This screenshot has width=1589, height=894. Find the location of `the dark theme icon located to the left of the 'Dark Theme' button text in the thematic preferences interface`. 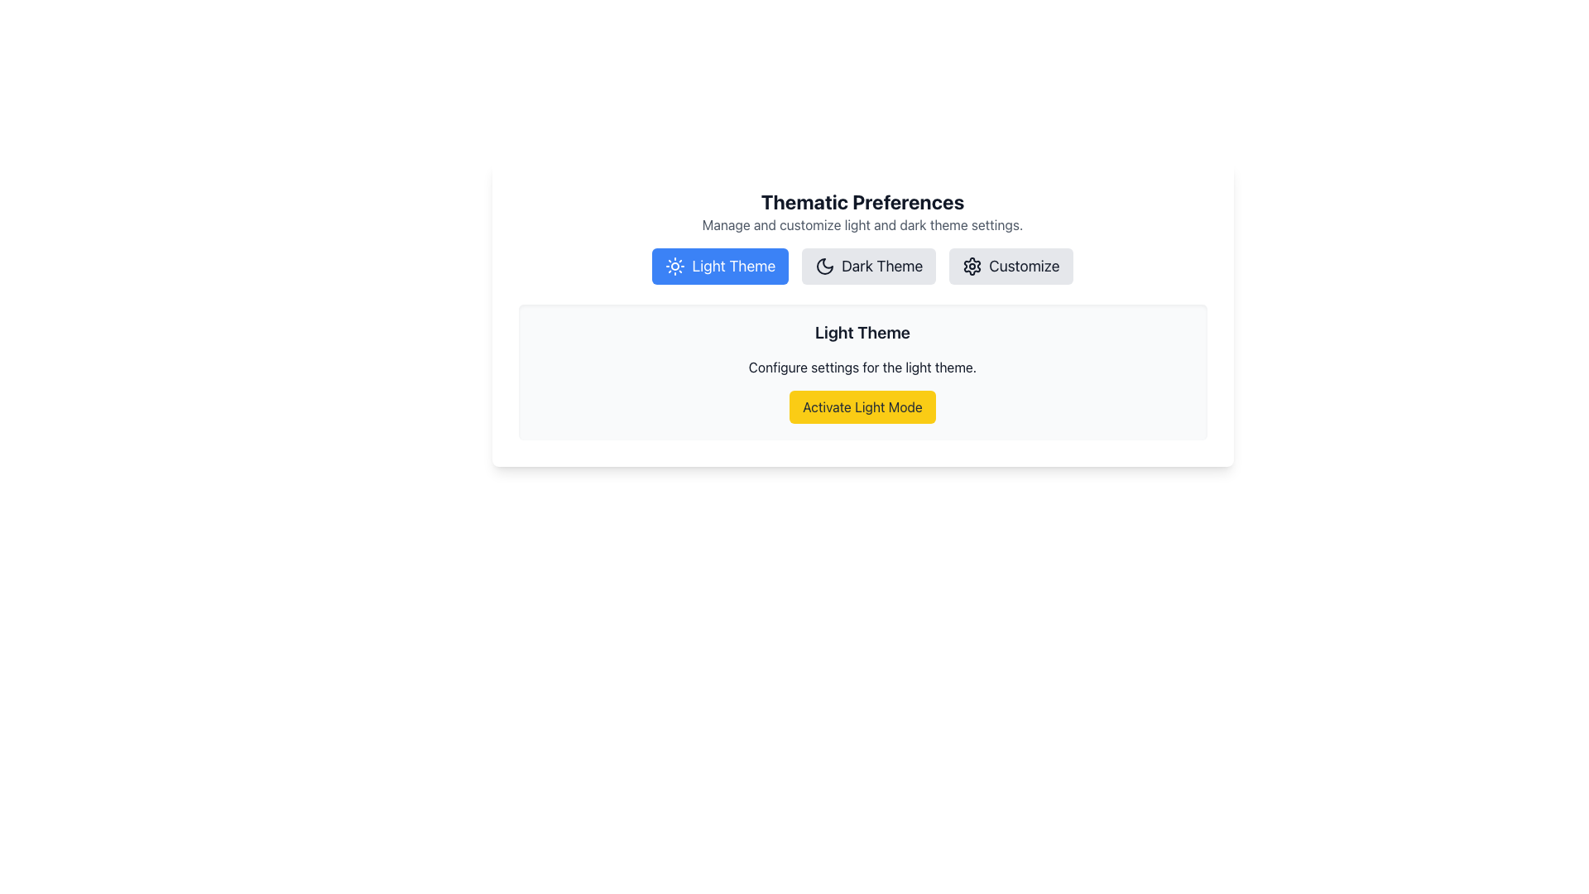

the dark theme icon located to the left of the 'Dark Theme' button text in the thematic preferences interface is located at coordinates (825, 265).